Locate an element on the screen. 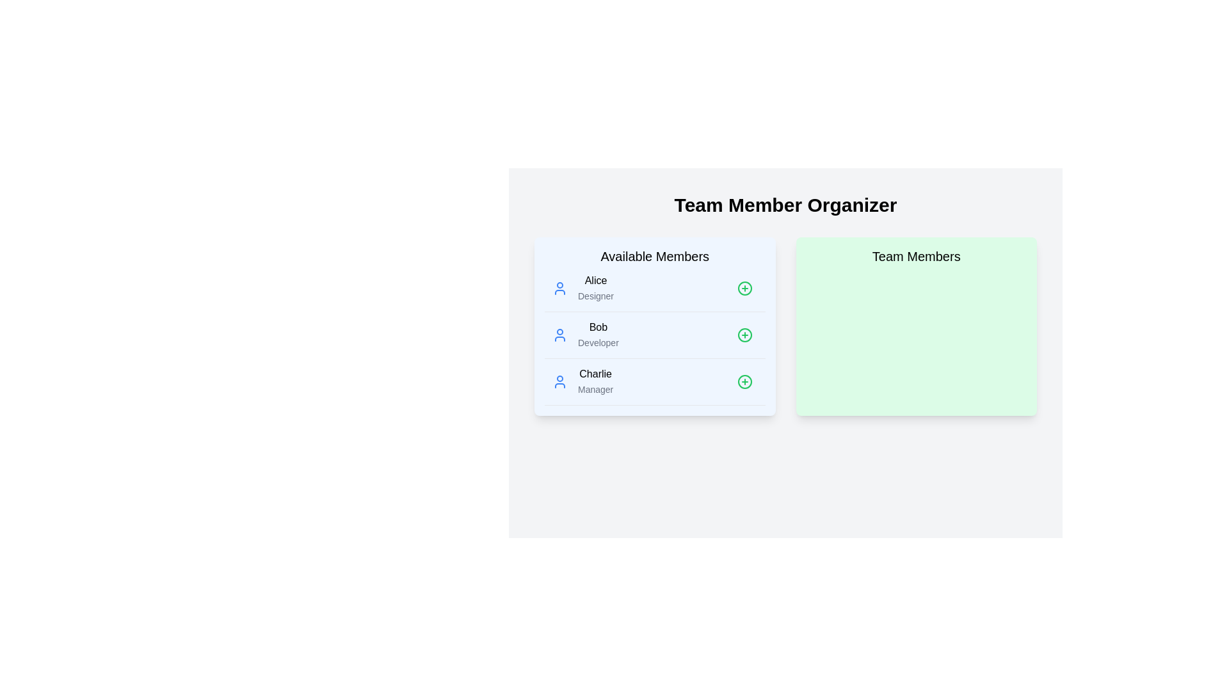  the Text display that contains 'Charlie' in bold above and 'Manager' in gray beneath it, located in the third row of the 'Available Members' panel is located at coordinates (595, 381).